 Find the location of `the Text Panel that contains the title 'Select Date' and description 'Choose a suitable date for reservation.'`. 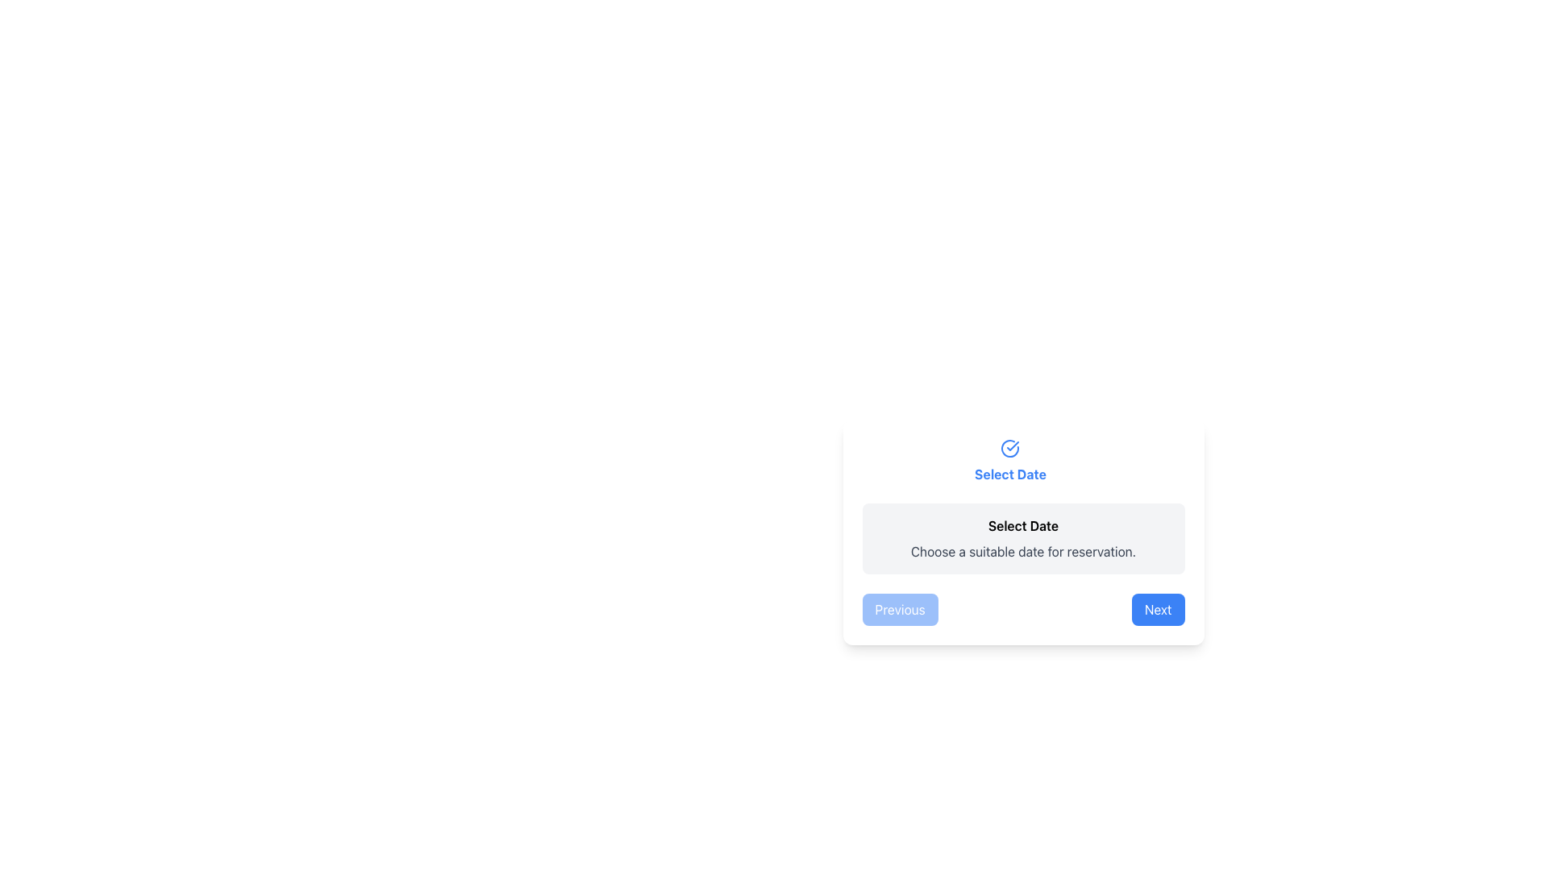

the Text Panel that contains the title 'Select Date' and description 'Choose a suitable date for reservation.' is located at coordinates (1022, 538).